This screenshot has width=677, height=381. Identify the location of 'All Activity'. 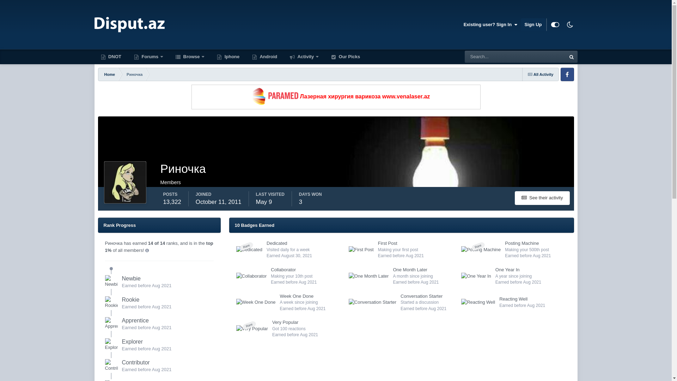
(523, 74).